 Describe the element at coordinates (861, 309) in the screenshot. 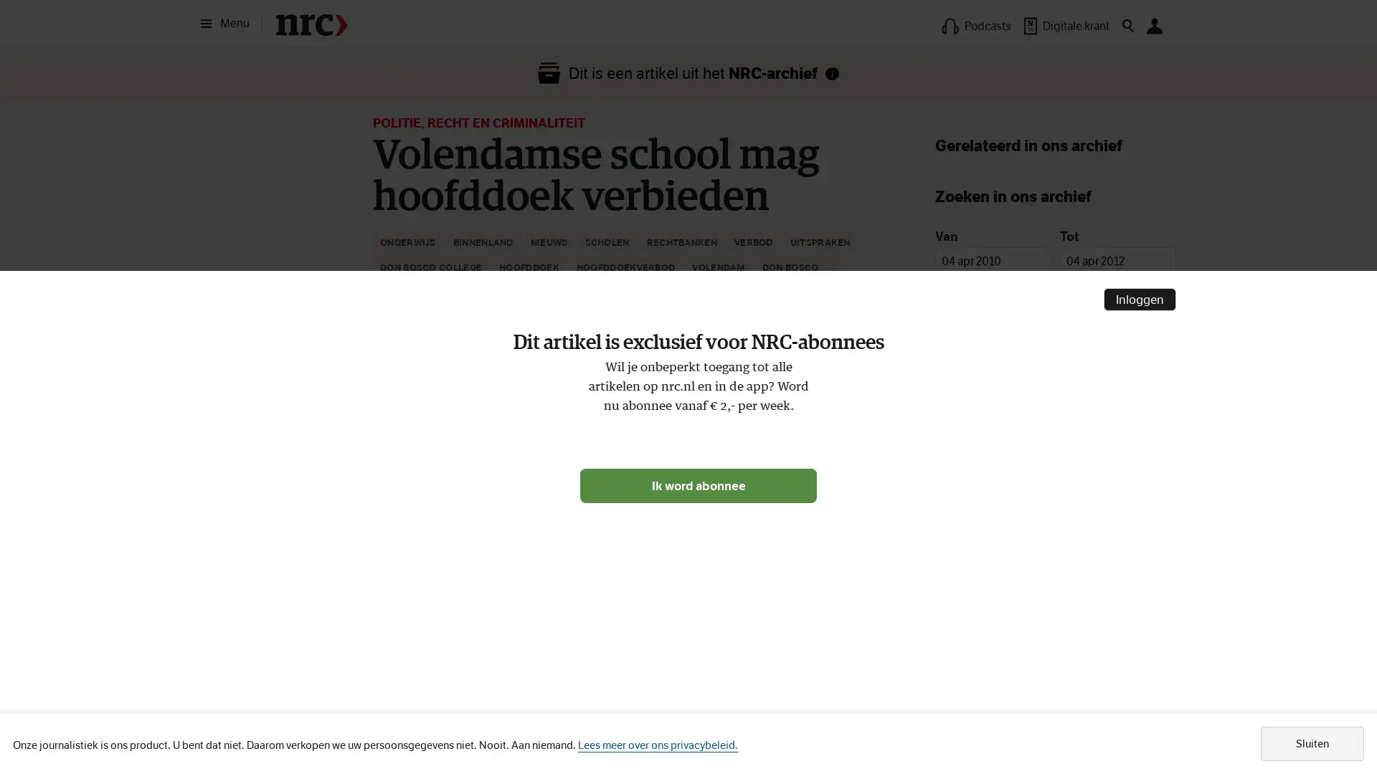

I see `Meer opties` at that location.